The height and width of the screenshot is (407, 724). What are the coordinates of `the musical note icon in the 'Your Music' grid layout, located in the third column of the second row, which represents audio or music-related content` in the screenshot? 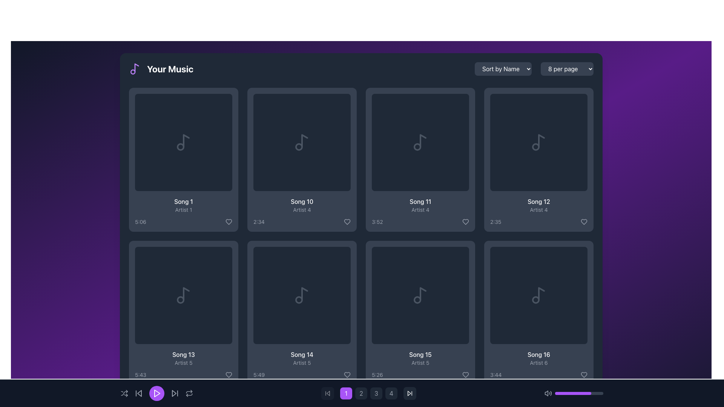 It's located at (420, 142).